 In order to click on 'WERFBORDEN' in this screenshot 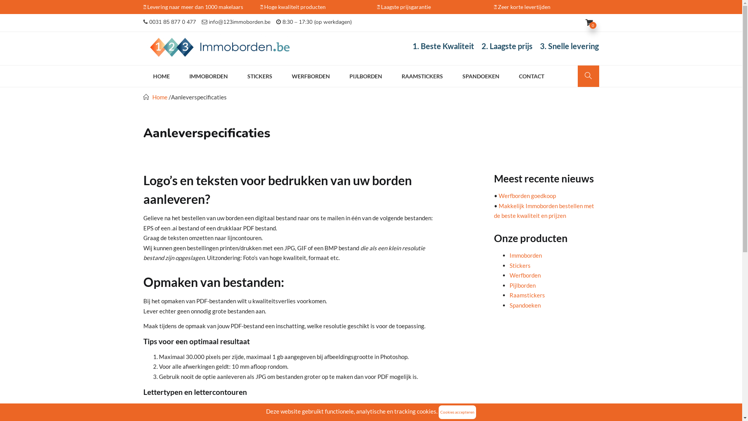, I will do `click(282, 76)`.